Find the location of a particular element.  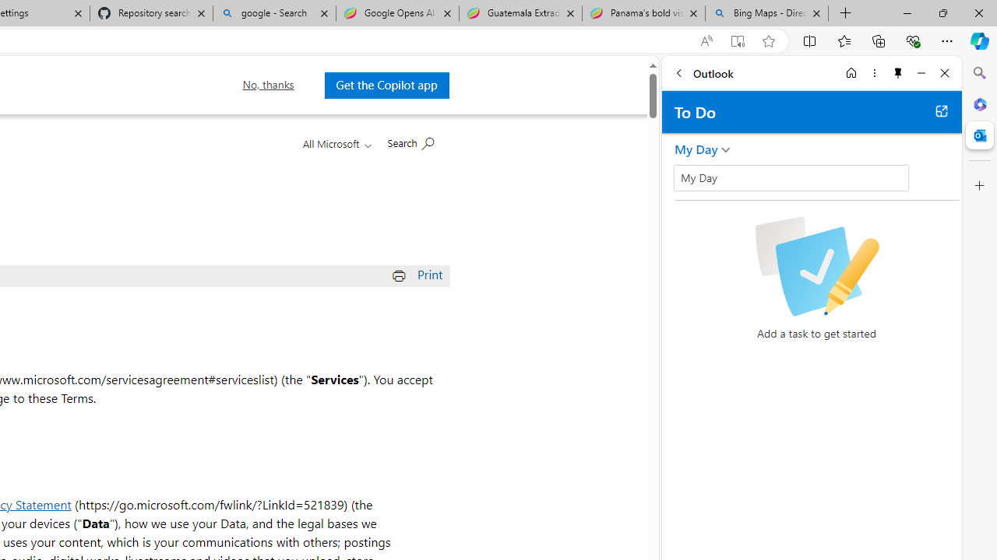

'Checkbox with a pencil' is located at coordinates (816, 266).